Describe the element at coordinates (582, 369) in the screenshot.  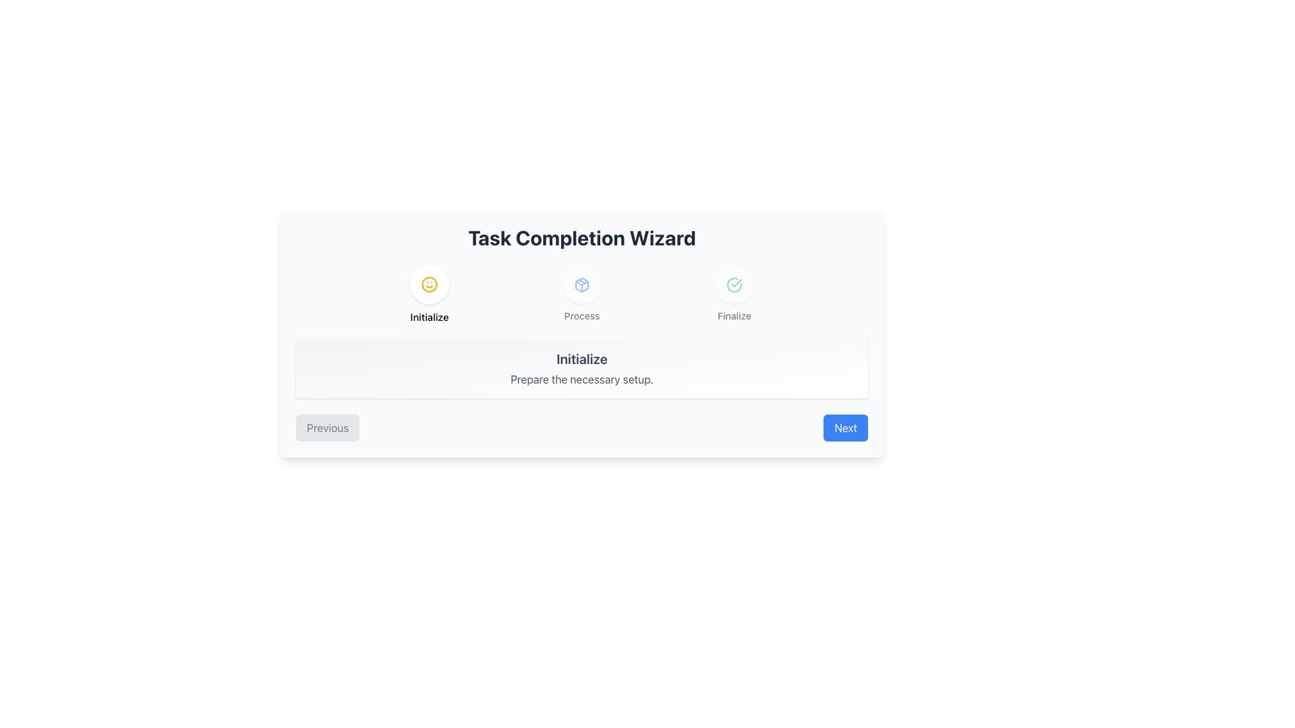
I see `the Informative Section that provides instructions related to the 'Initialize' phase of the task completion workflow, located below the 'Task Completion Wizard' and the 'Initialize', 'Process', and 'Finalize' items` at that location.